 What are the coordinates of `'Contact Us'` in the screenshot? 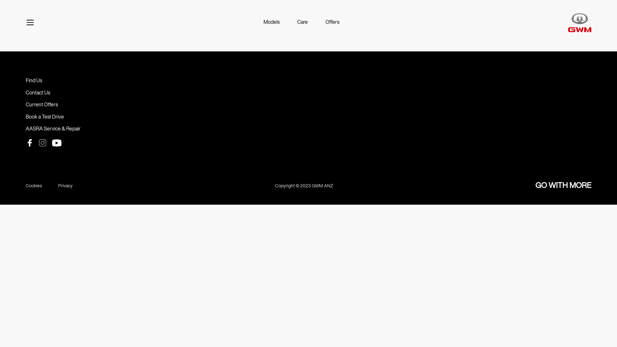 It's located at (38, 93).